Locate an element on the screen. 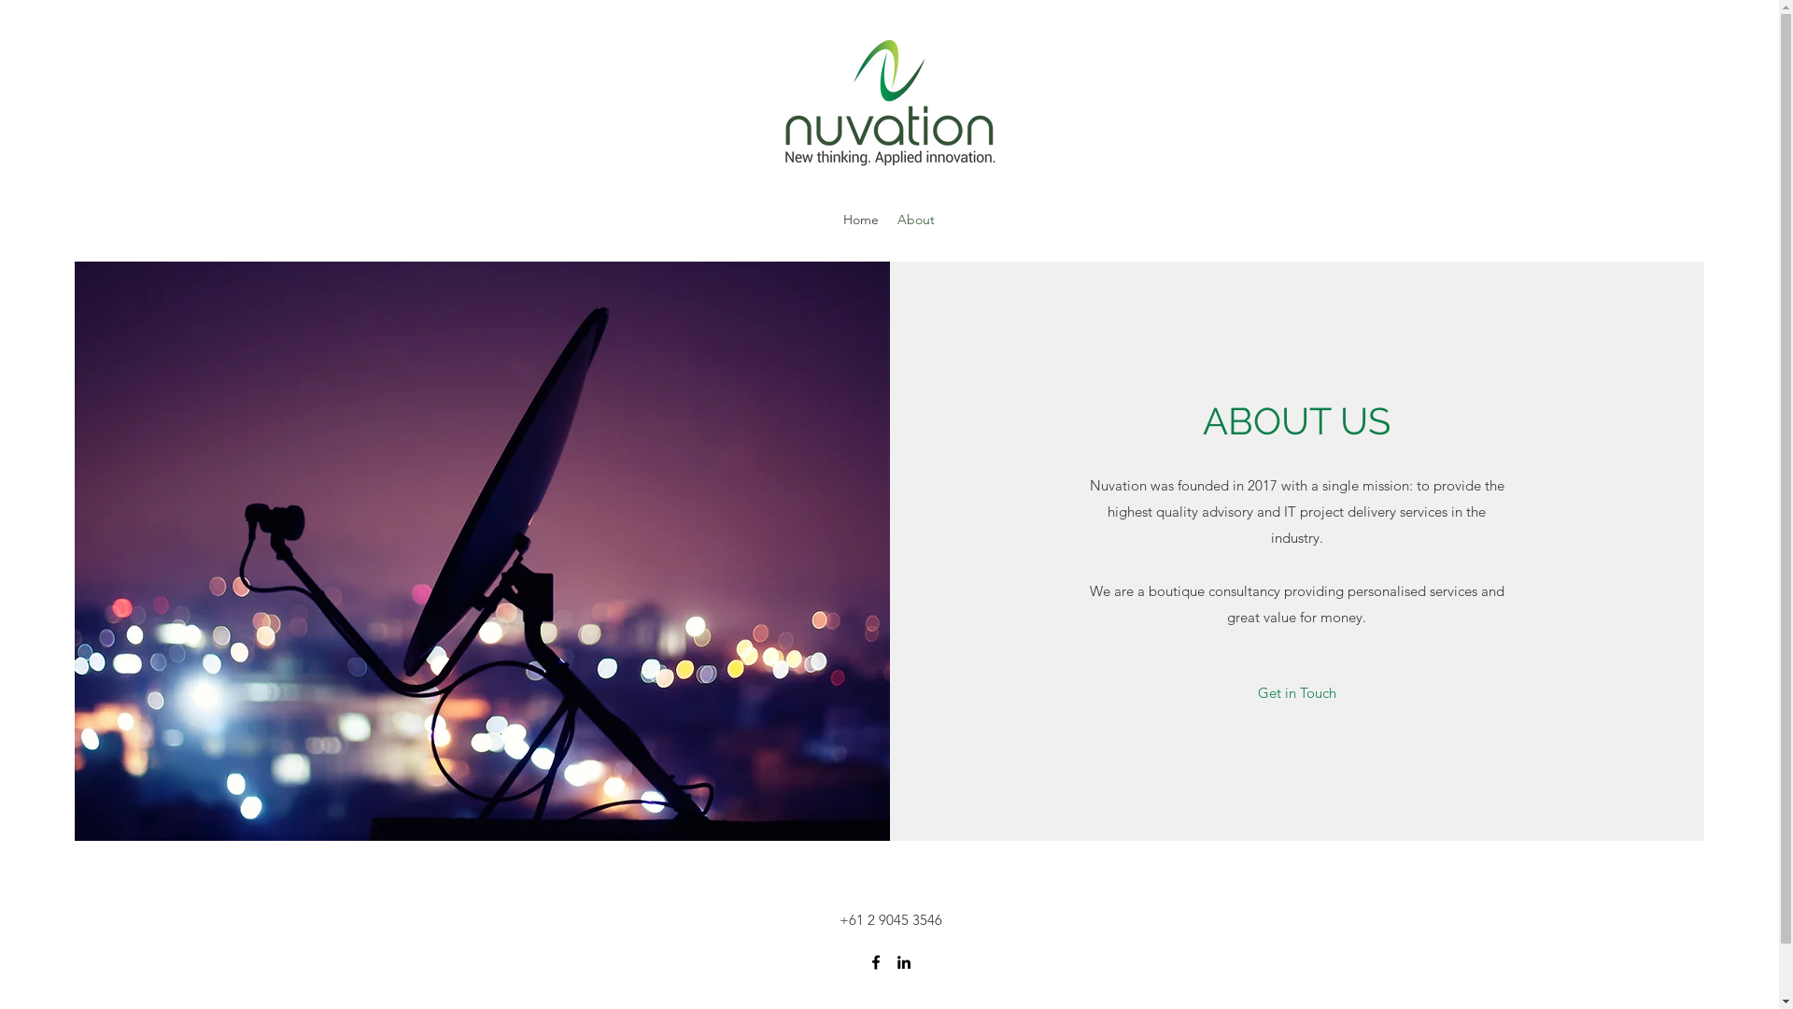 The width and height of the screenshot is (1793, 1009). 'About' is located at coordinates (915, 219).